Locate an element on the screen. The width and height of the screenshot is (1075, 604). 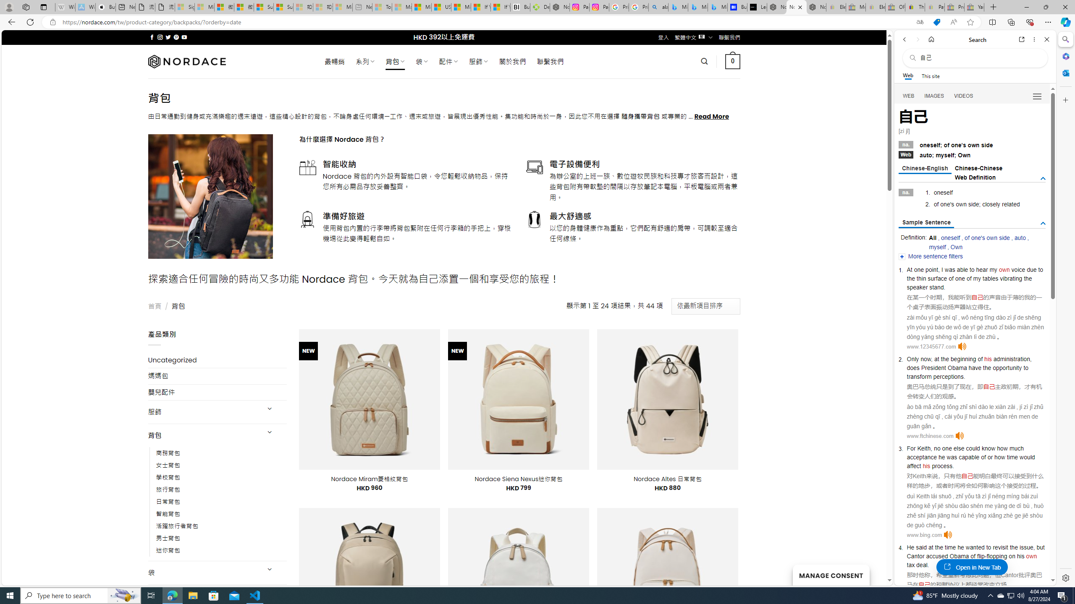
'Follow on YouTube' is located at coordinates (184, 37).